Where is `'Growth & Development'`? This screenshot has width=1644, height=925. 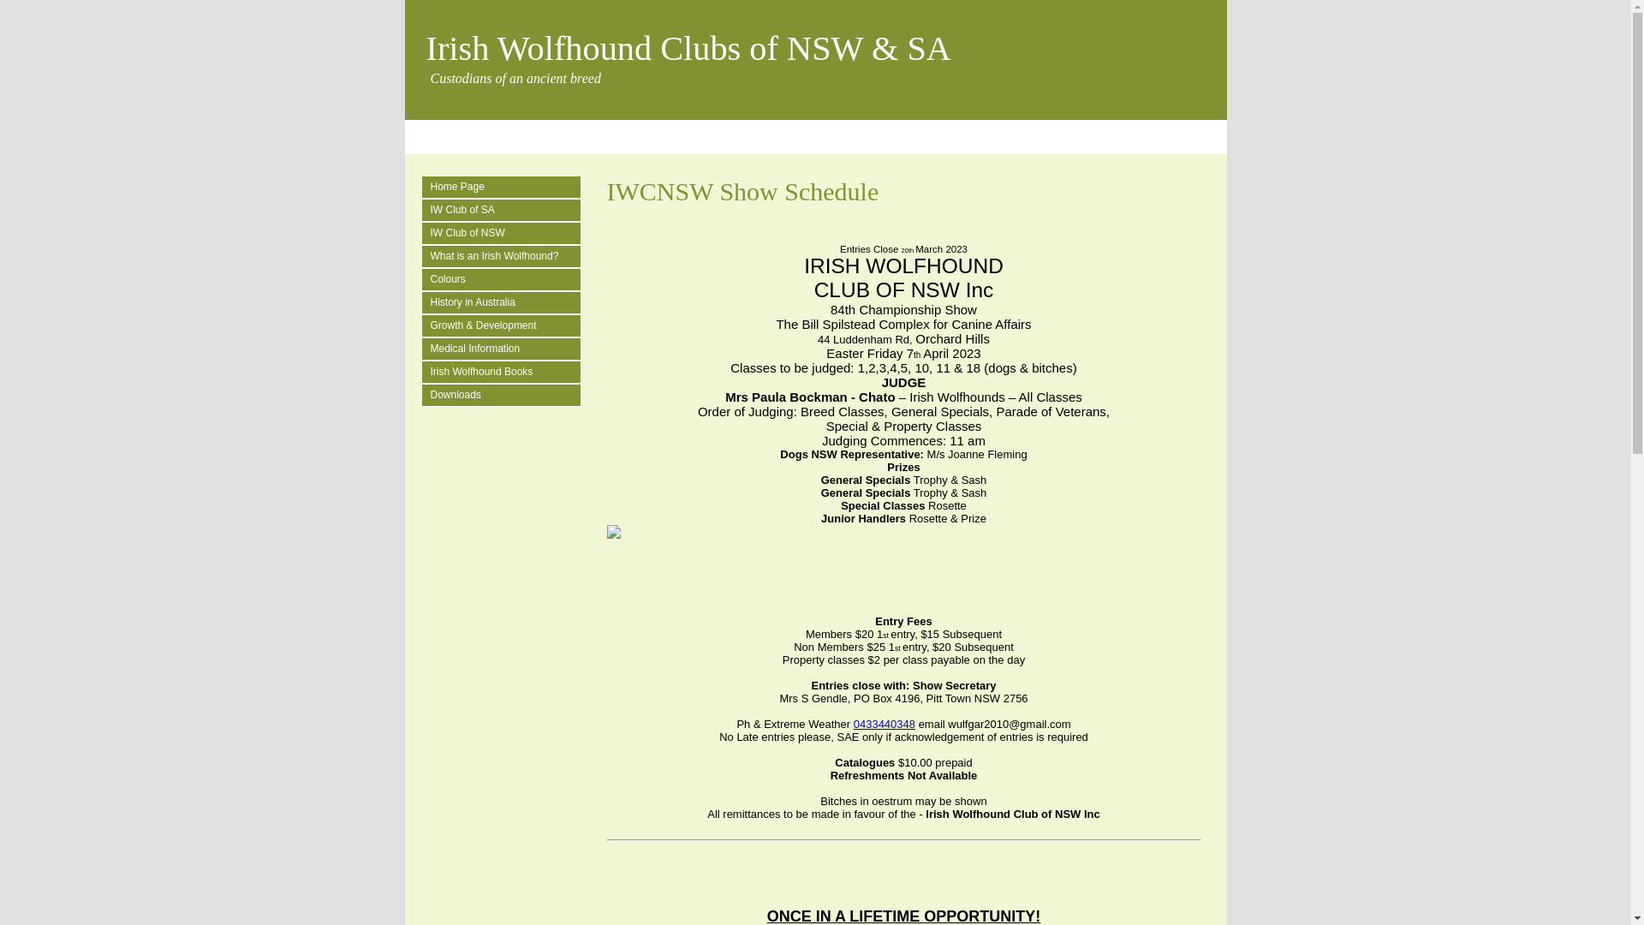 'Growth & Development' is located at coordinates (503, 325).